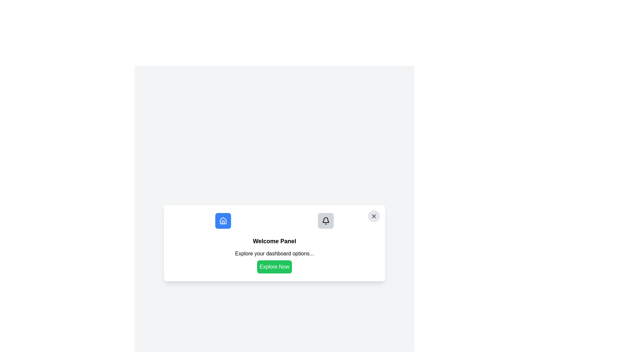  What do you see at coordinates (275, 267) in the screenshot?
I see `the green rectangular button with rounded corners labeled 'Explore Now'` at bounding box center [275, 267].